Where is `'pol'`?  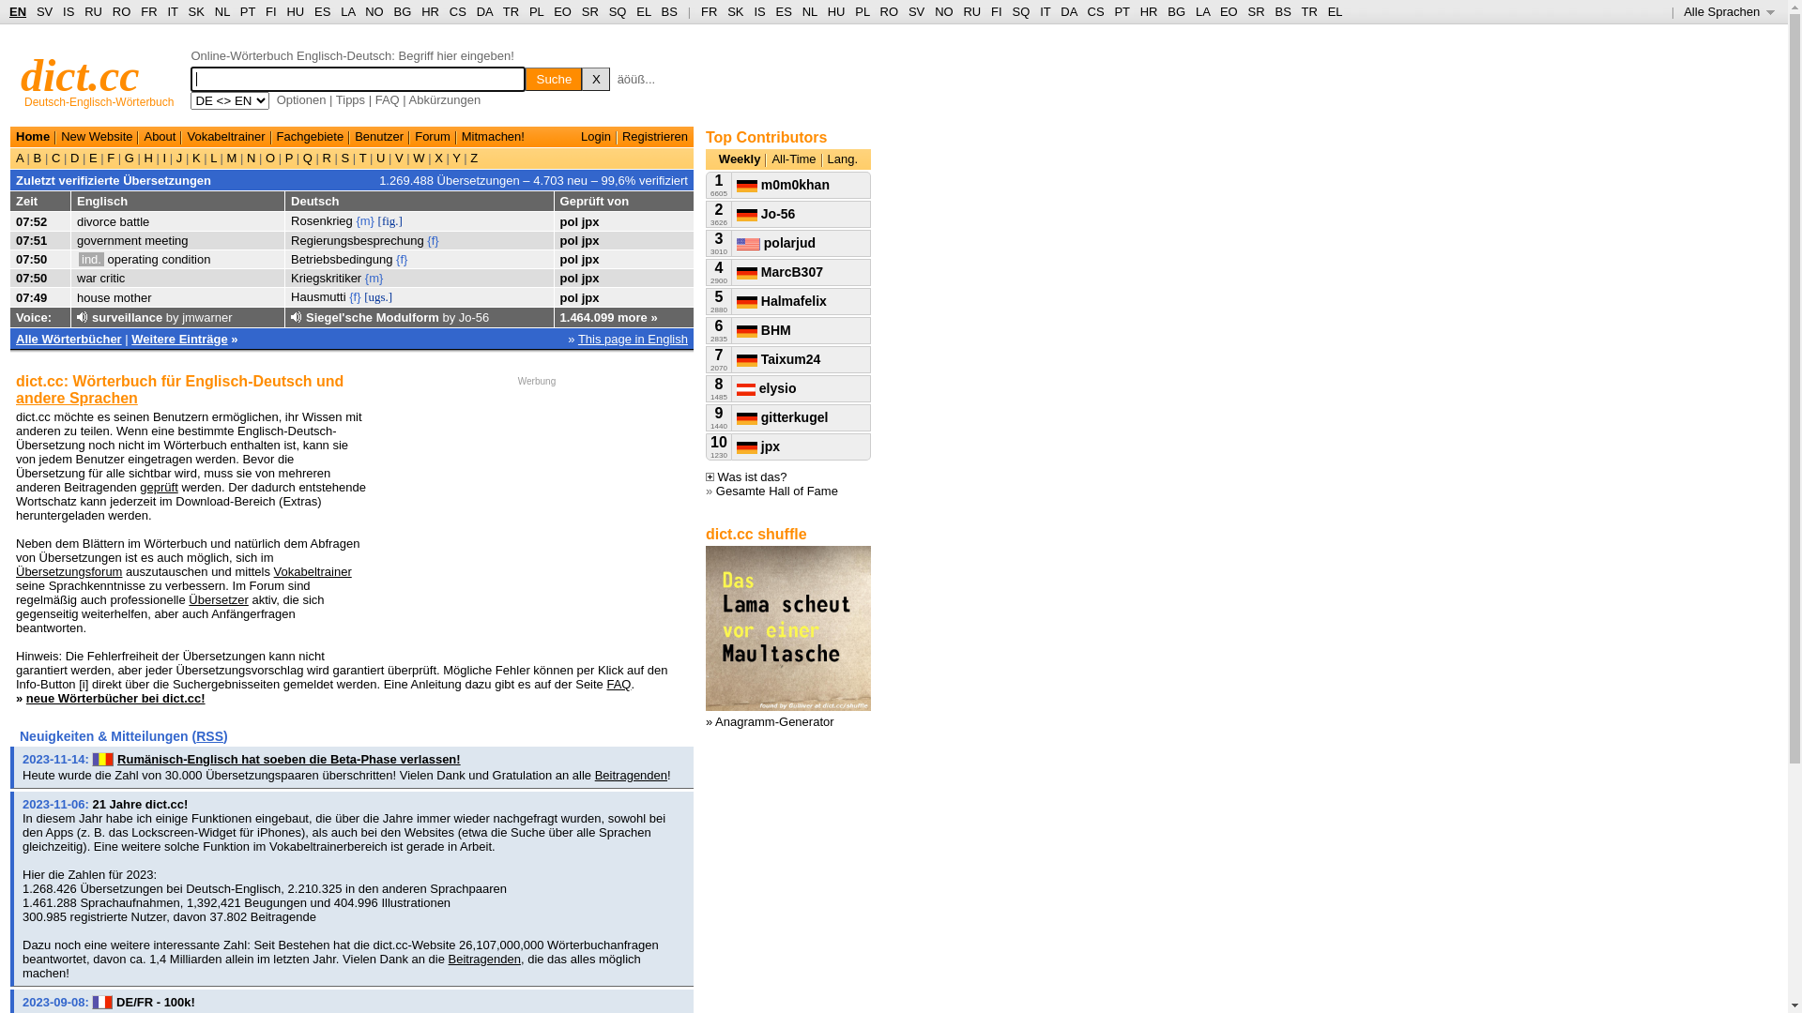 'pol' is located at coordinates (568, 296).